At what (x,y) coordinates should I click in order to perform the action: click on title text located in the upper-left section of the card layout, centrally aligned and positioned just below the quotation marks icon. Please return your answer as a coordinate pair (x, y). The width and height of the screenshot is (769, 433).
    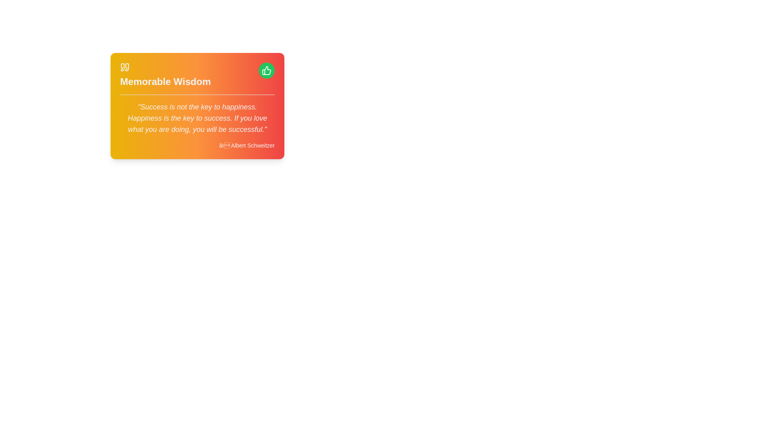
    Looking at the image, I should click on (165, 82).